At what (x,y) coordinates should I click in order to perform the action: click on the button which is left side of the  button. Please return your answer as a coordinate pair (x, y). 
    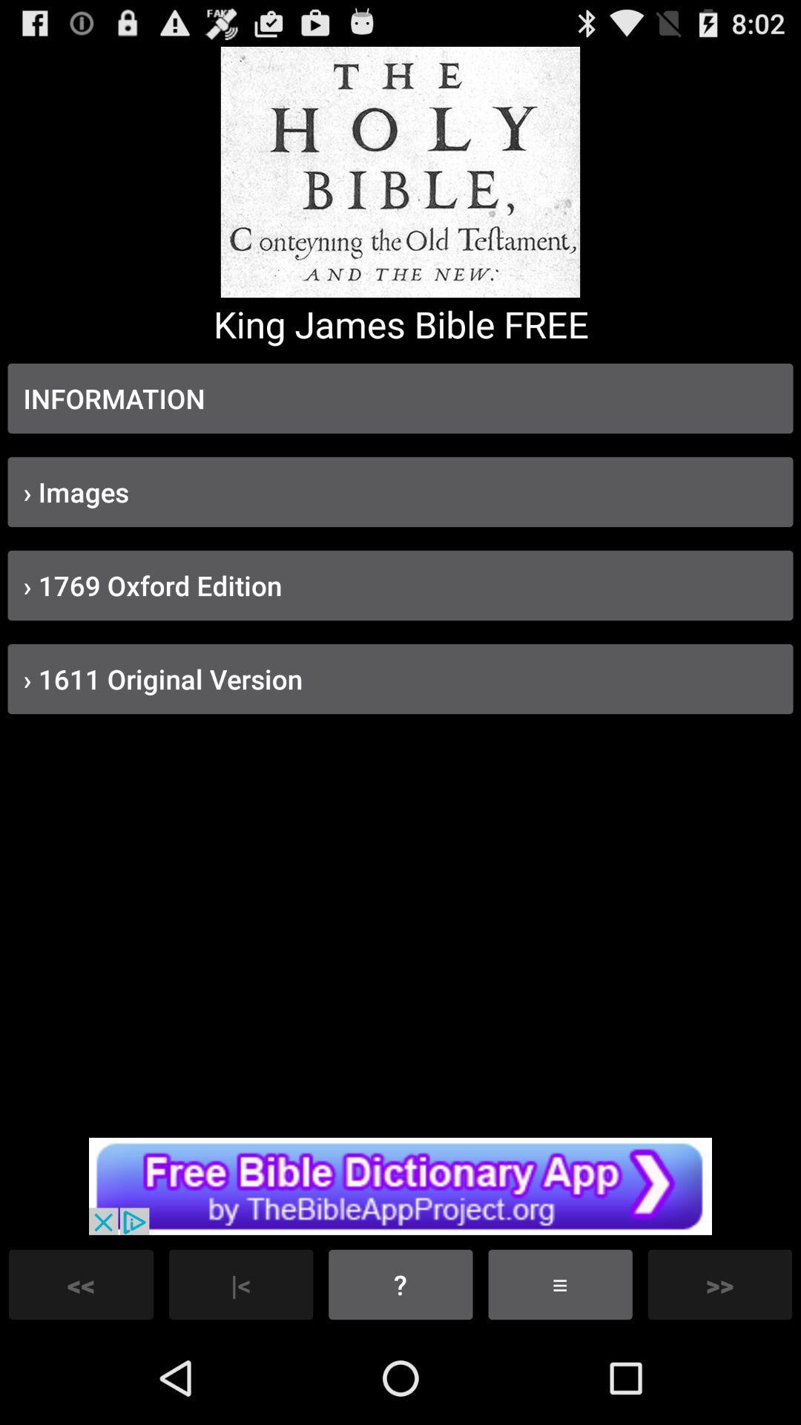
    Looking at the image, I should click on (240, 1284).